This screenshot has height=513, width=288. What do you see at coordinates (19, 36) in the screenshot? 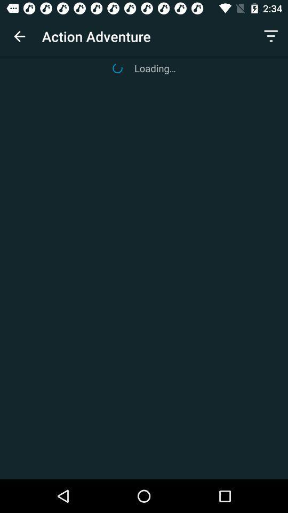
I see `the icon at the top left corner` at bounding box center [19, 36].